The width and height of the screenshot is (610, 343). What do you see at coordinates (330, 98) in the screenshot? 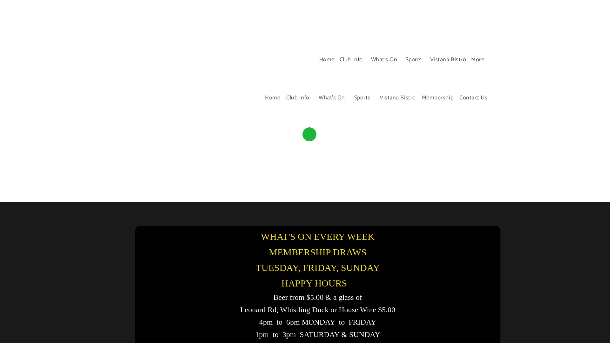
I see `'What's On'` at bounding box center [330, 98].